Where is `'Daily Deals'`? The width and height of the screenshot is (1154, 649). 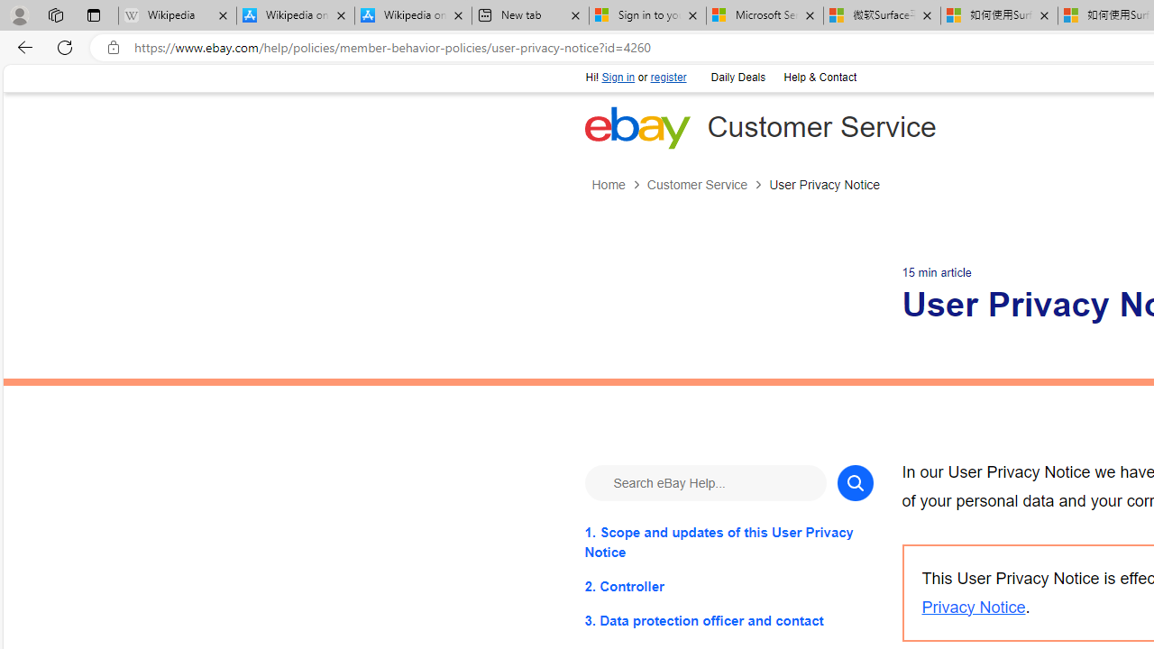 'Daily Deals' is located at coordinates (738, 78).